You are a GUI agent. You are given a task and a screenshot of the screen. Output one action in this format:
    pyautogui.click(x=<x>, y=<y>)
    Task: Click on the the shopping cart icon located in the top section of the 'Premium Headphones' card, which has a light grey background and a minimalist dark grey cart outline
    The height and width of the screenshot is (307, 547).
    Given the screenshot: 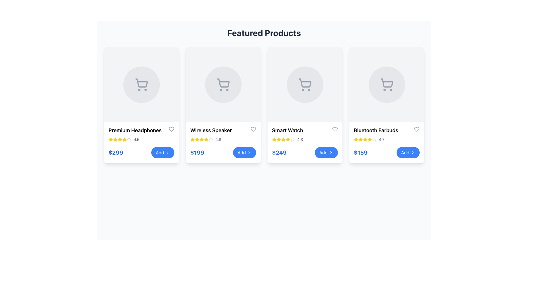 What is the action you would take?
    pyautogui.click(x=141, y=84)
    